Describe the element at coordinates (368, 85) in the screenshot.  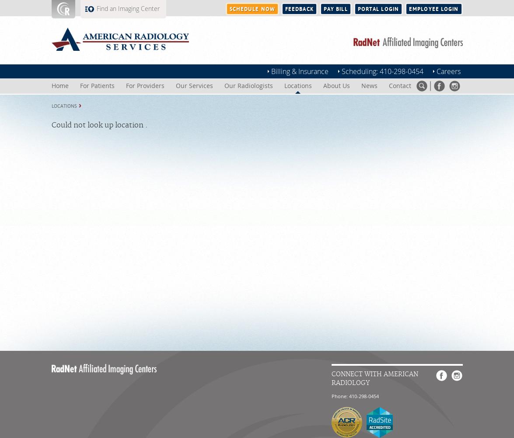
I see `'News'` at that location.